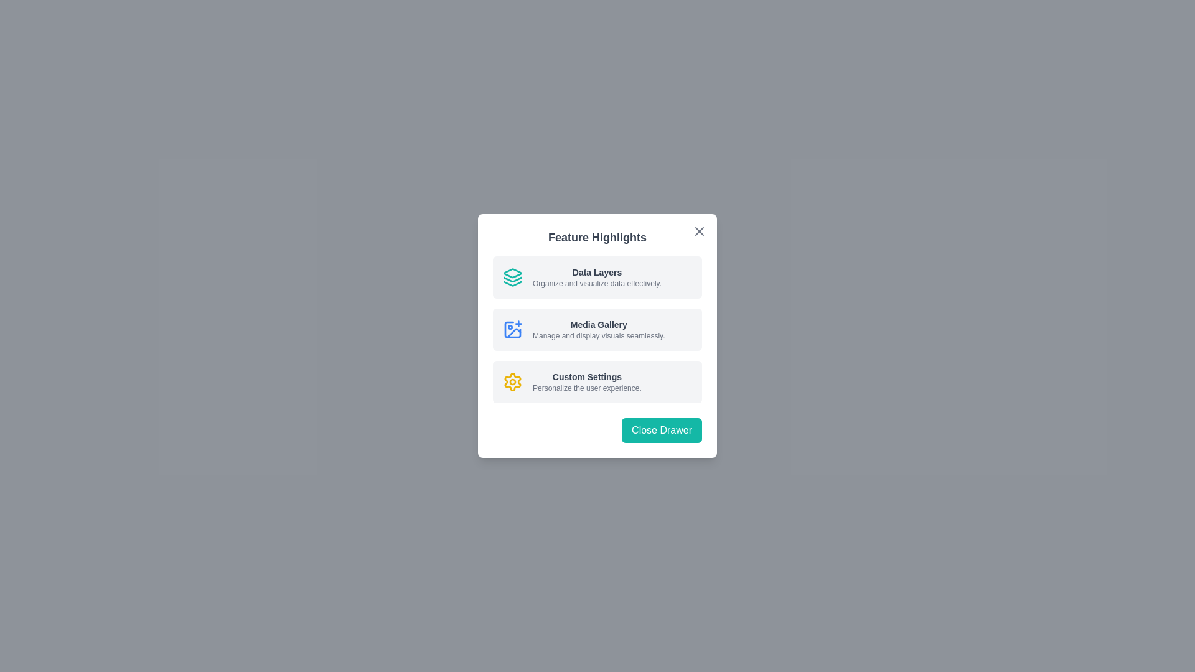  Describe the element at coordinates (596, 272) in the screenshot. I see `the 'Data Layers' text label, which is styled in bold, dark gray, and located above the description text in the feature highlight section` at that location.